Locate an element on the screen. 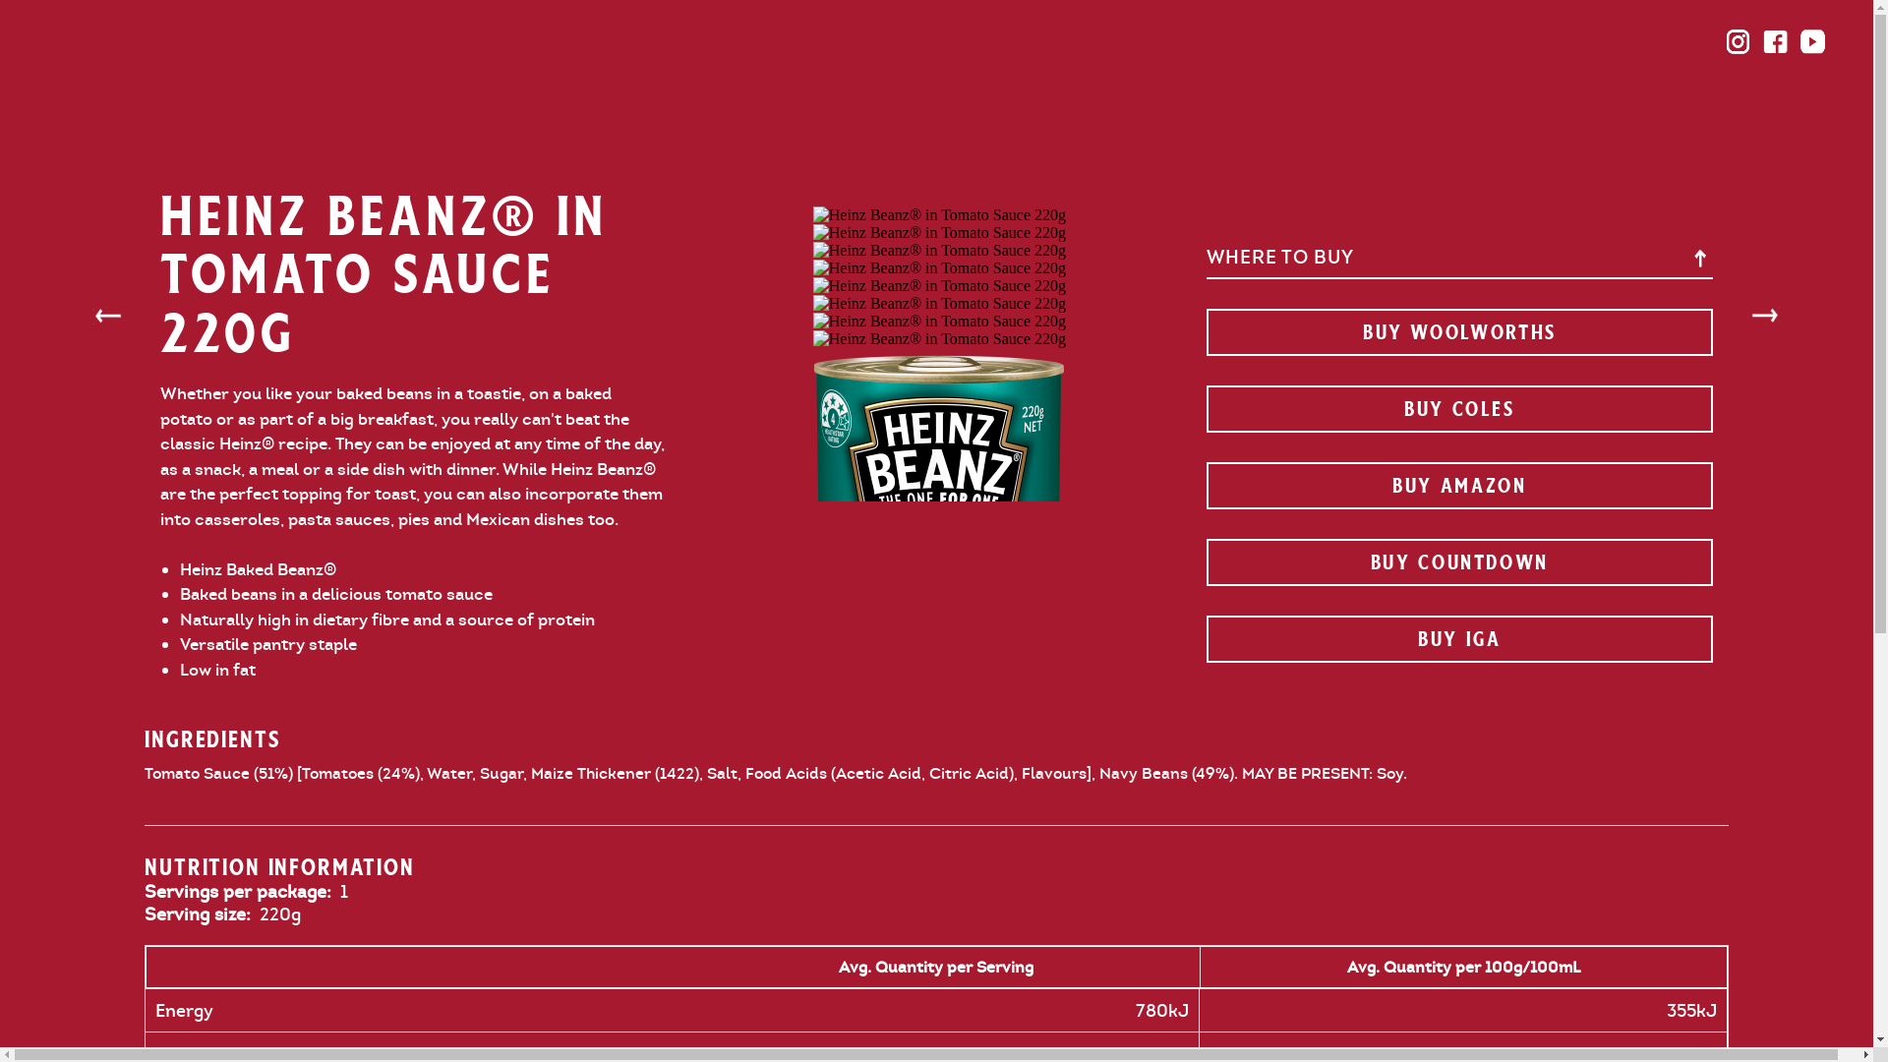  'youtube' is located at coordinates (1811, 41).